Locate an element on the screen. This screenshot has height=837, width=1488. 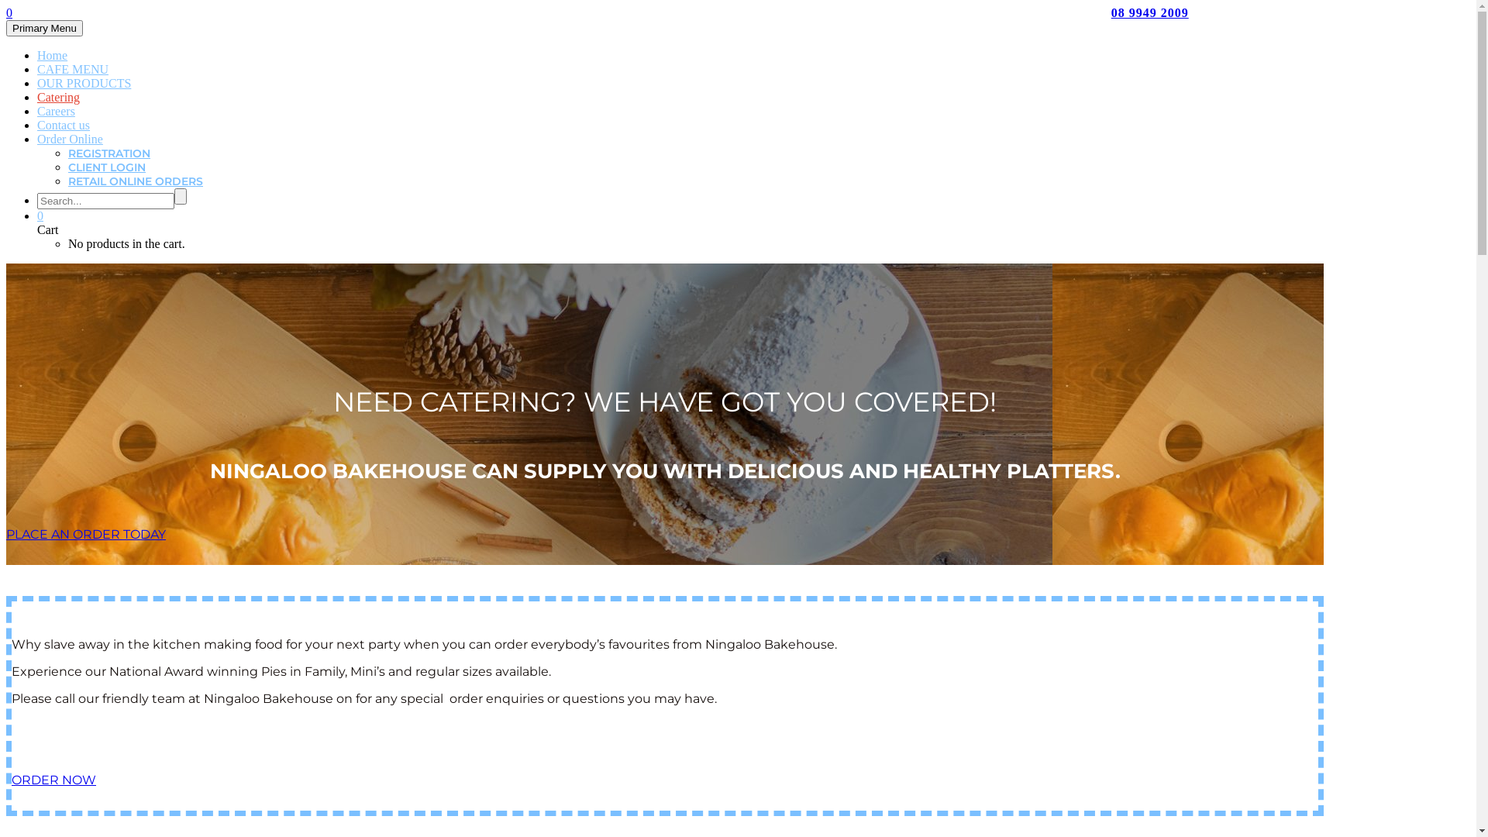
'CLIENT LOGIN' is located at coordinates (106, 167).